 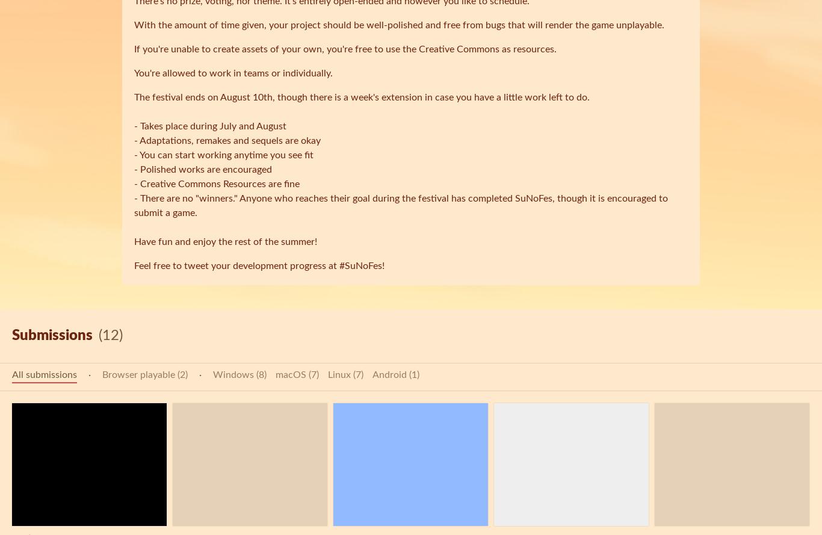 I want to click on 'Submissions', so click(x=52, y=336).